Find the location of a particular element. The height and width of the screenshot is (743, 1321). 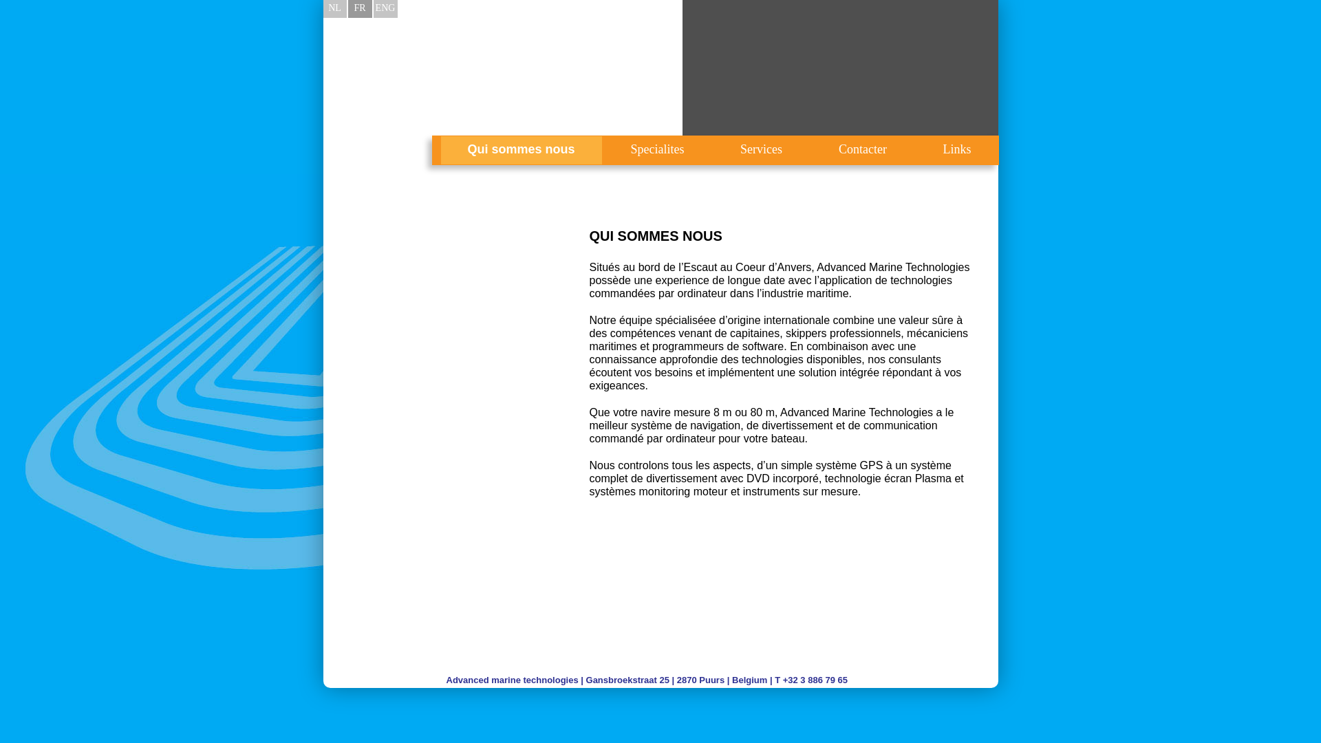

'Links' is located at coordinates (916, 150).